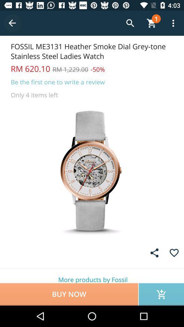 The height and width of the screenshot is (327, 184). Describe the element at coordinates (92, 276) in the screenshot. I see `the item above buy now item` at that location.